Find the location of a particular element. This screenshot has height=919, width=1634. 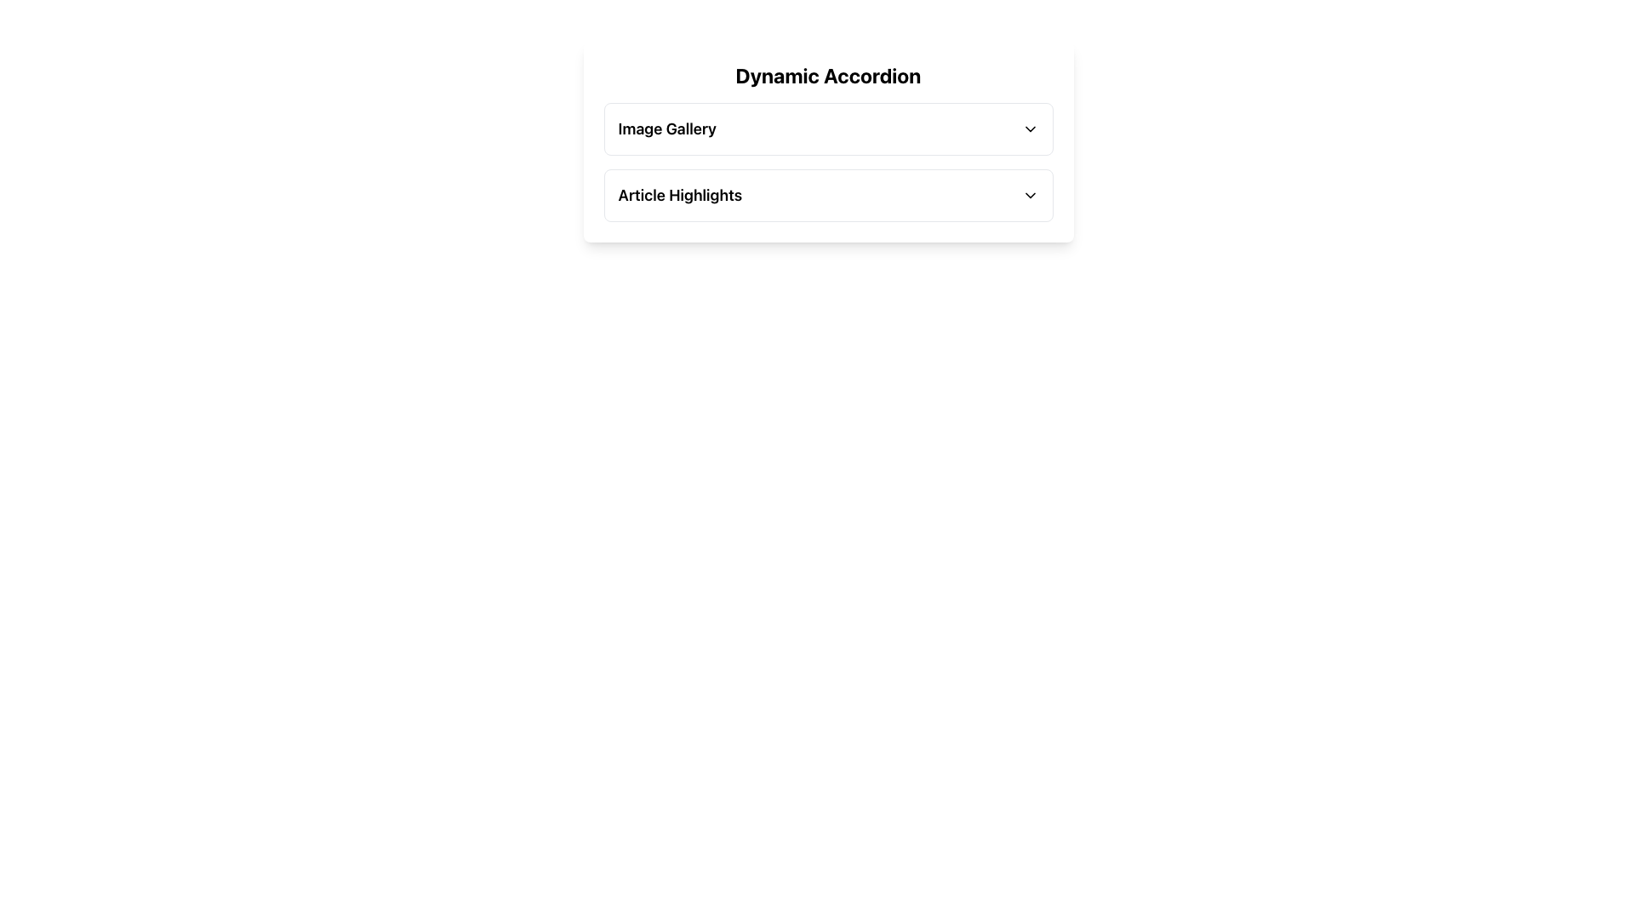

the downward-pointing chevron icon located at the far right of the 'Image Gallery' section is located at coordinates (1029, 128).